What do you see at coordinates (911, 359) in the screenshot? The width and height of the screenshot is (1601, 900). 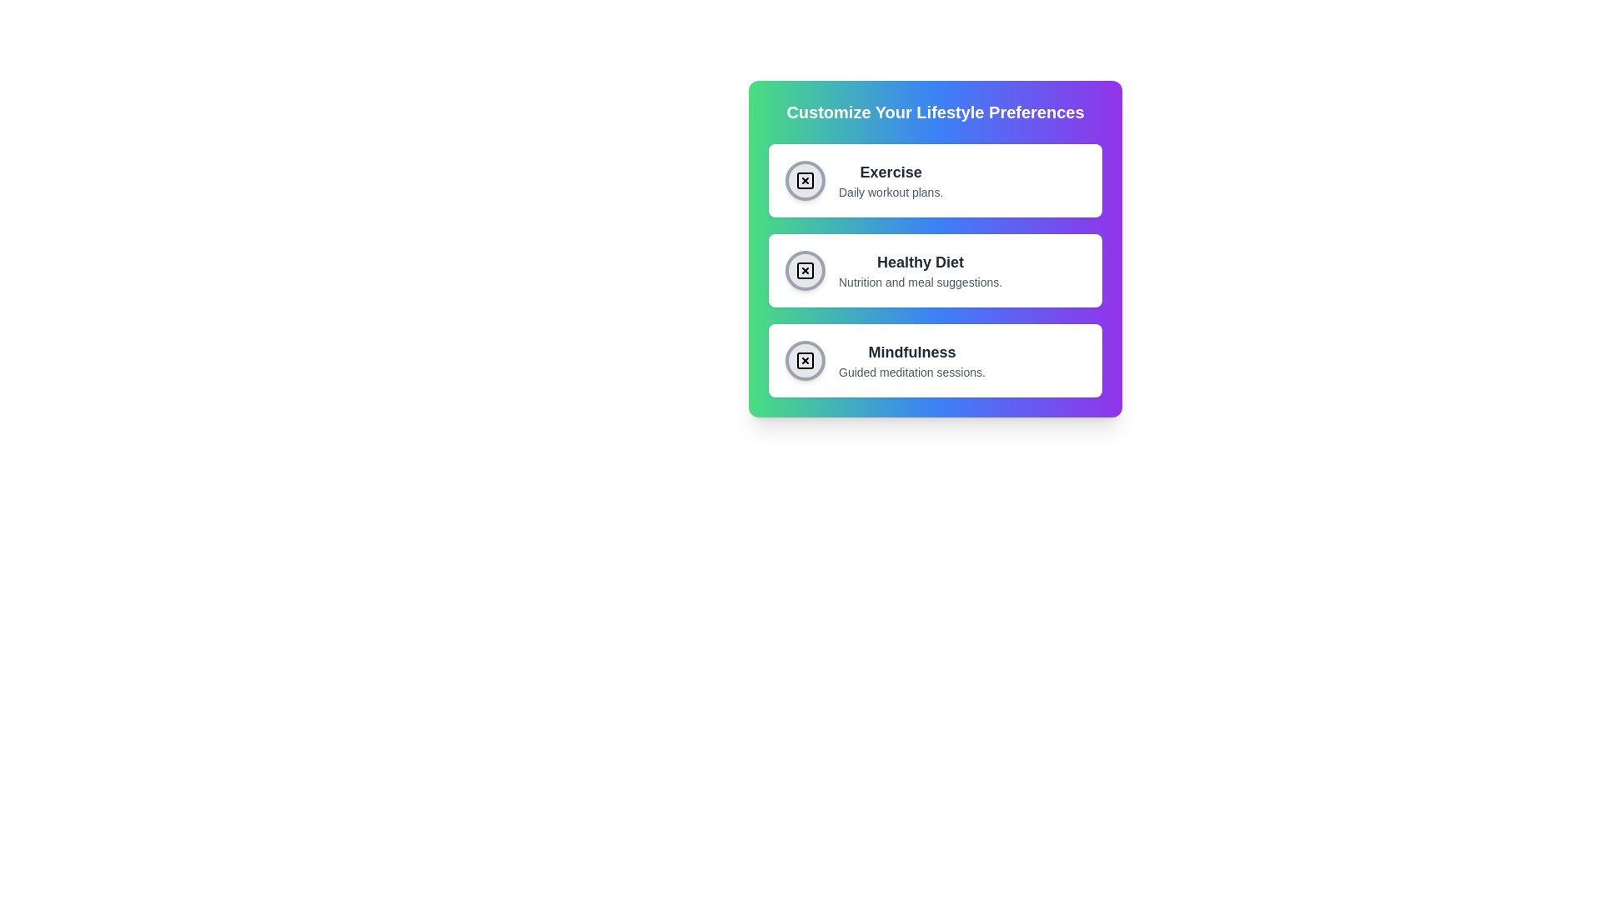 I see `the Label displaying 'Mindfulness' as a bold heading and 'Guided meditation sessions.' as a subheading` at bounding box center [911, 359].